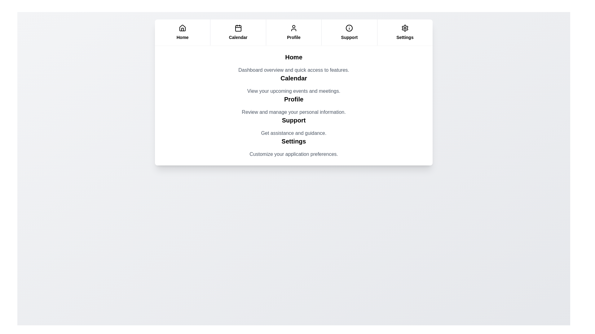 The width and height of the screenshot is (595, 334). Describe the element at coordinates (349, 28) in the screenshot. I see `the main circular border of the info icon located in the navigation bar at the top center` at that location.